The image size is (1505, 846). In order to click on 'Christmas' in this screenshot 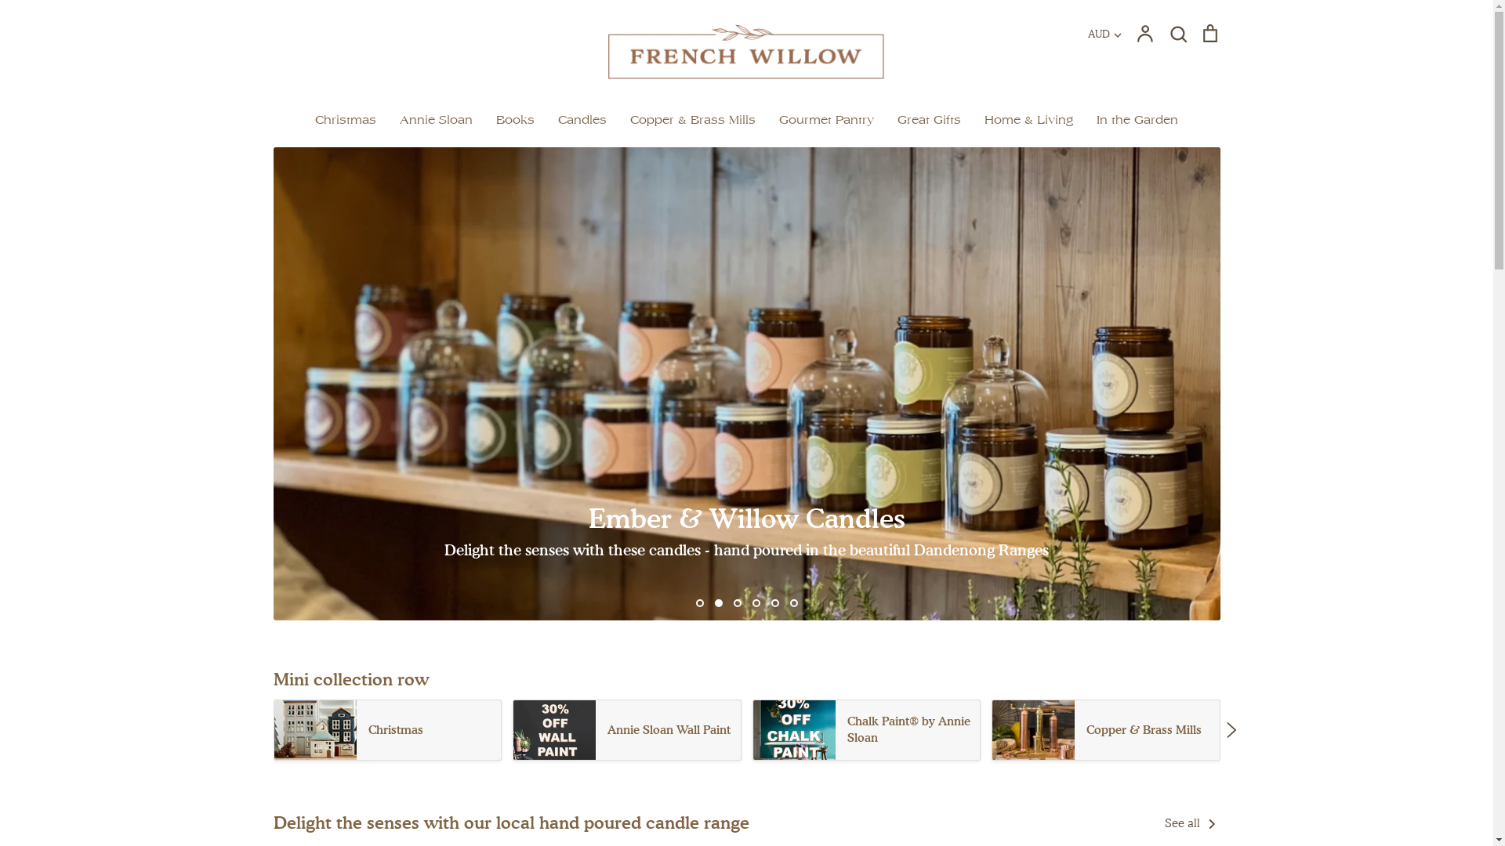, I will do `click(314, 119)`.